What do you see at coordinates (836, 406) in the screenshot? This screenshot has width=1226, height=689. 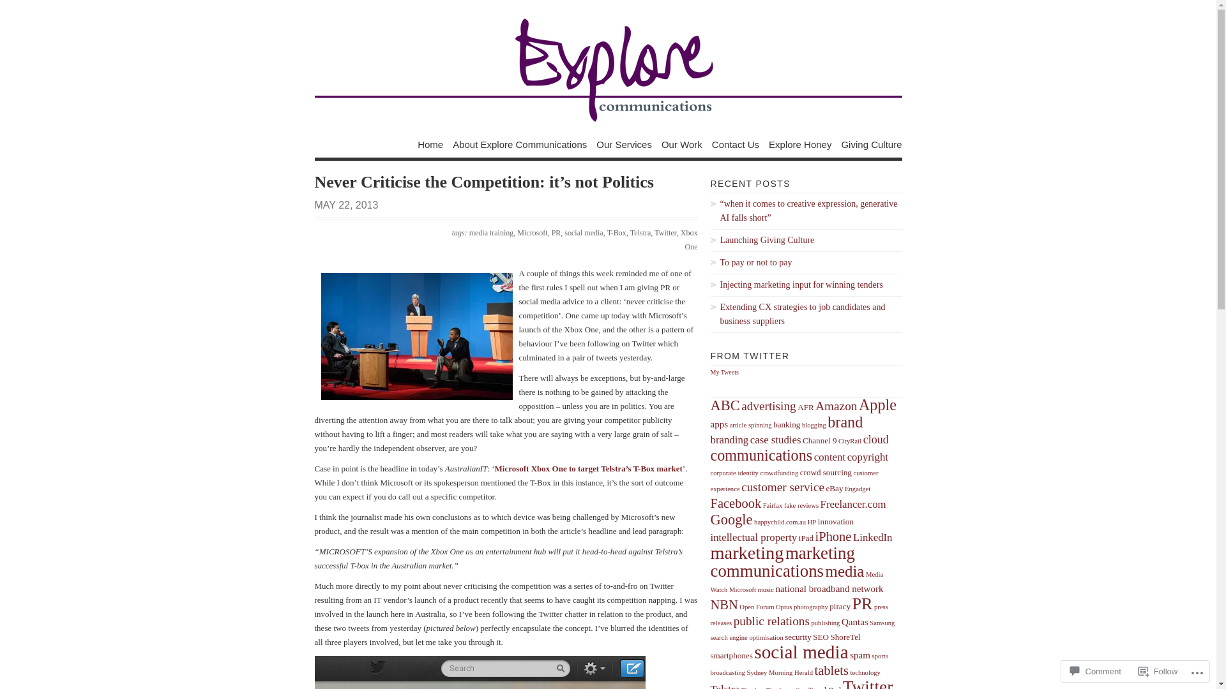 I see `'Amazon'` at bounding box center [836, 406].